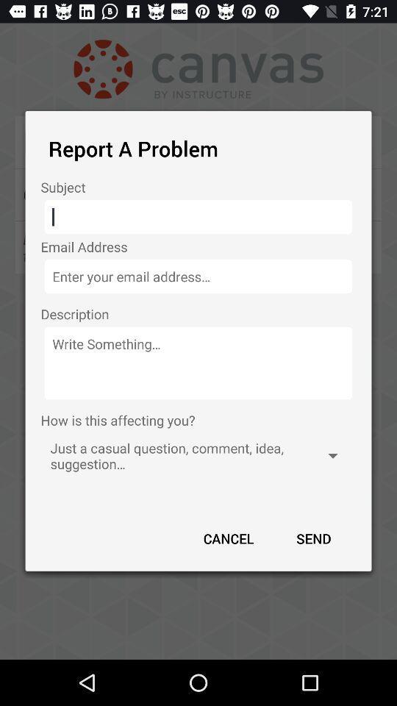 The width and height of the screenshot is (397, 706). Describe the element at coordinates (198, 363) in the screenshot. I see `input description` at that location.